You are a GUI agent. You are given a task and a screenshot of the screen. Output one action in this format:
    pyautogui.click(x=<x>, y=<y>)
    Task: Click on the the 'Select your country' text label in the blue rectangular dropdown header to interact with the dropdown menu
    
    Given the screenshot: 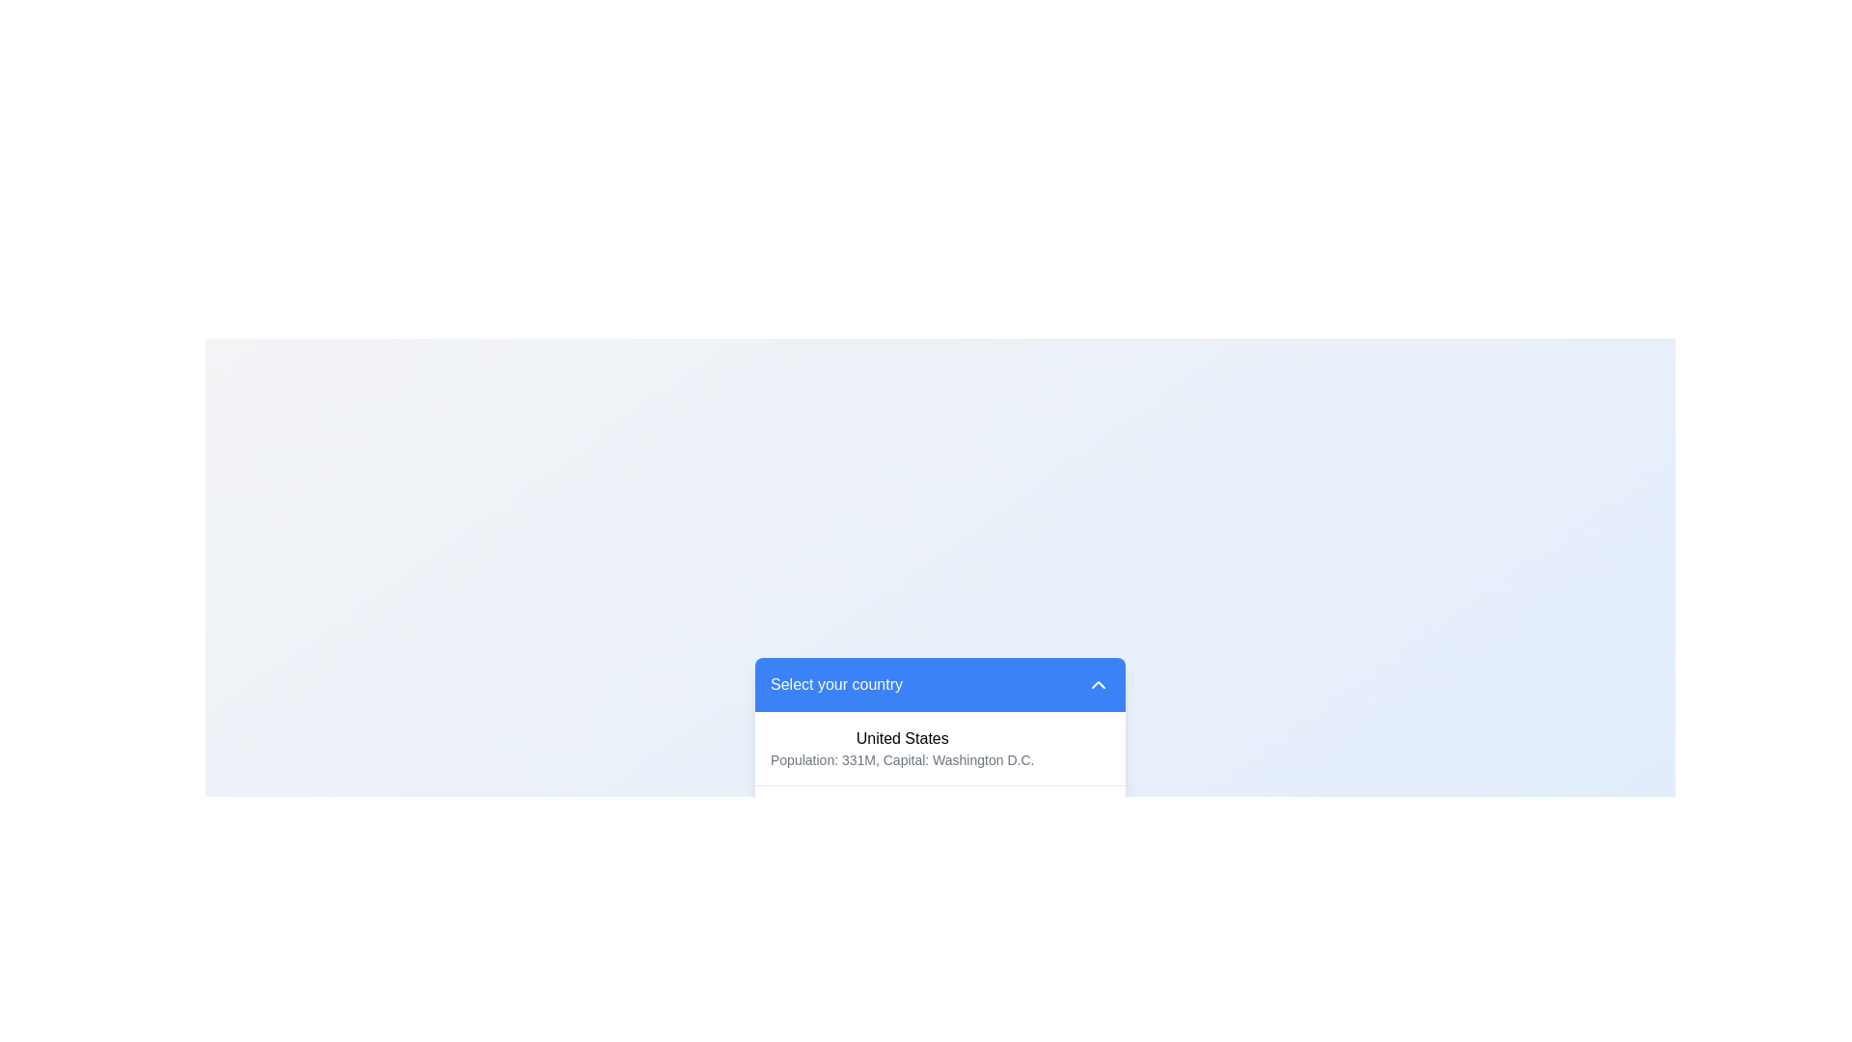 What is the action you would take?
    pyautogui.click(x=836, y=683)
    